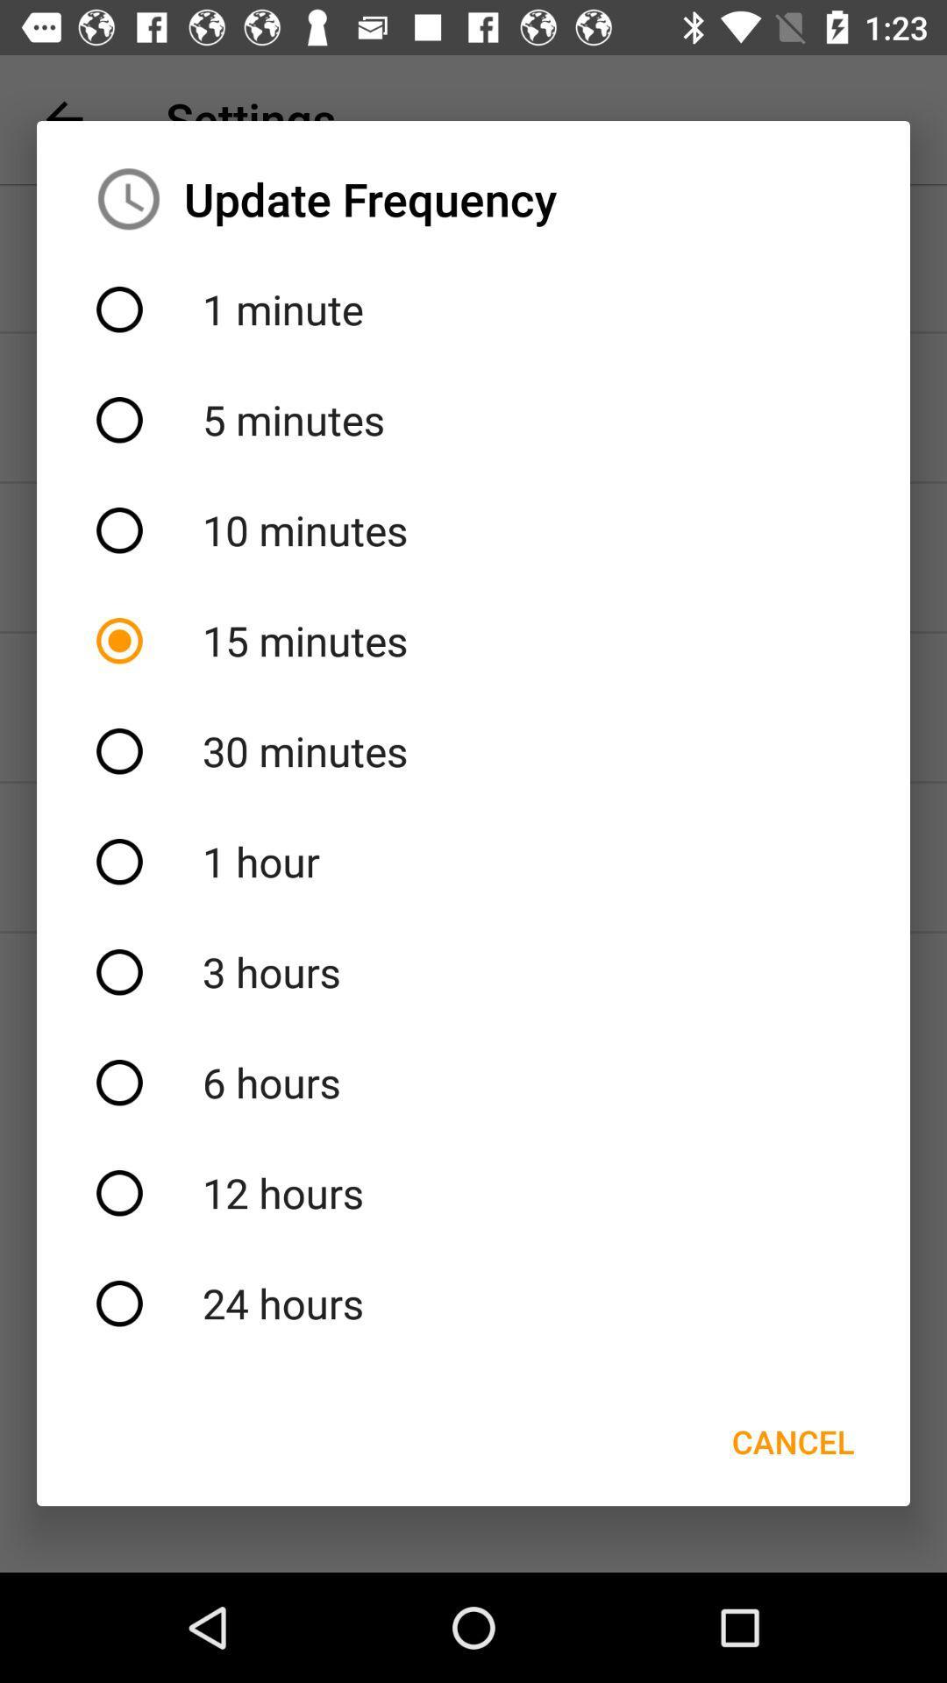  I want to click on the icon above 1 hour icon, so click(473, 751).